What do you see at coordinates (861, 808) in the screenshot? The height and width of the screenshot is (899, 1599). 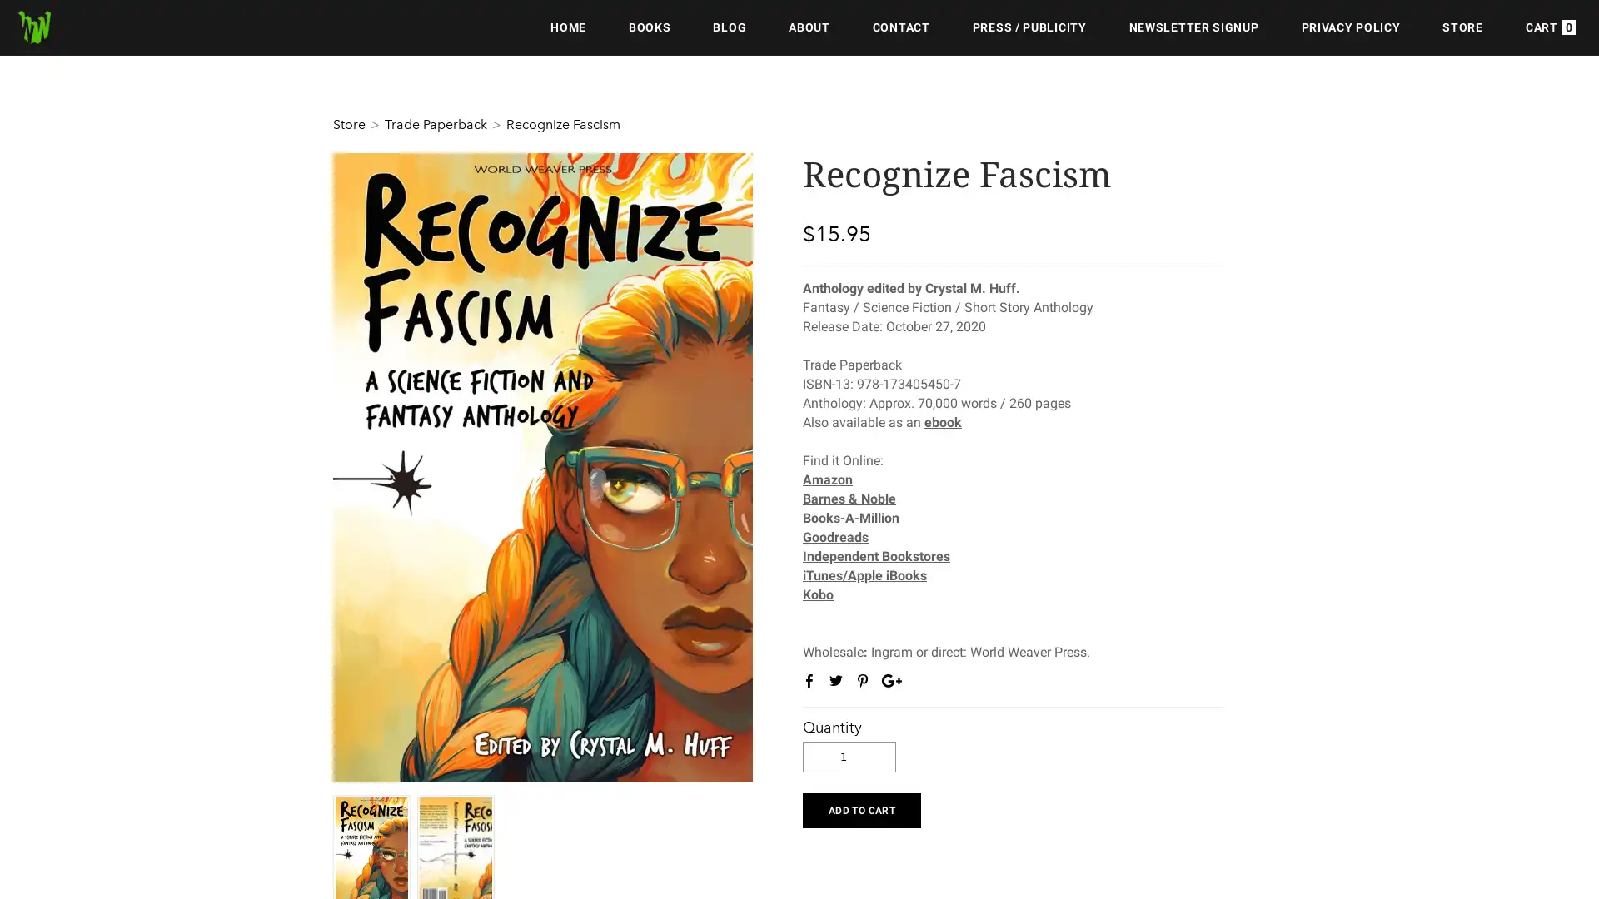 I see `ADD TO CART` at bounding box center [861, 808].